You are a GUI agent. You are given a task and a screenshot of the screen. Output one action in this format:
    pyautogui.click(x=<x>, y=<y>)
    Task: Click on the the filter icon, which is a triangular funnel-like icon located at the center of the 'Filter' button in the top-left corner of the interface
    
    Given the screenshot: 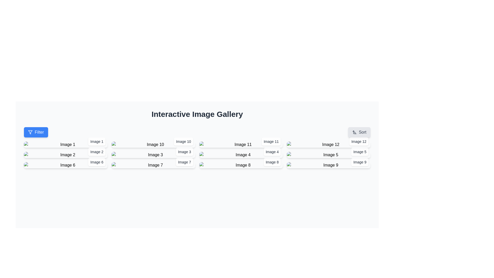 What is the action you would take?
    pyautogui.click(x=30, y=132)
    